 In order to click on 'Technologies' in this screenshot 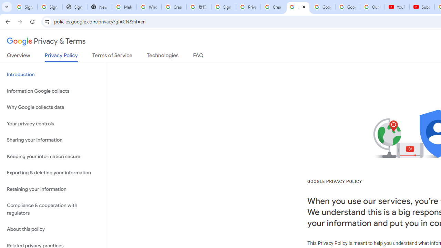, I will do `click(162, 56)`.